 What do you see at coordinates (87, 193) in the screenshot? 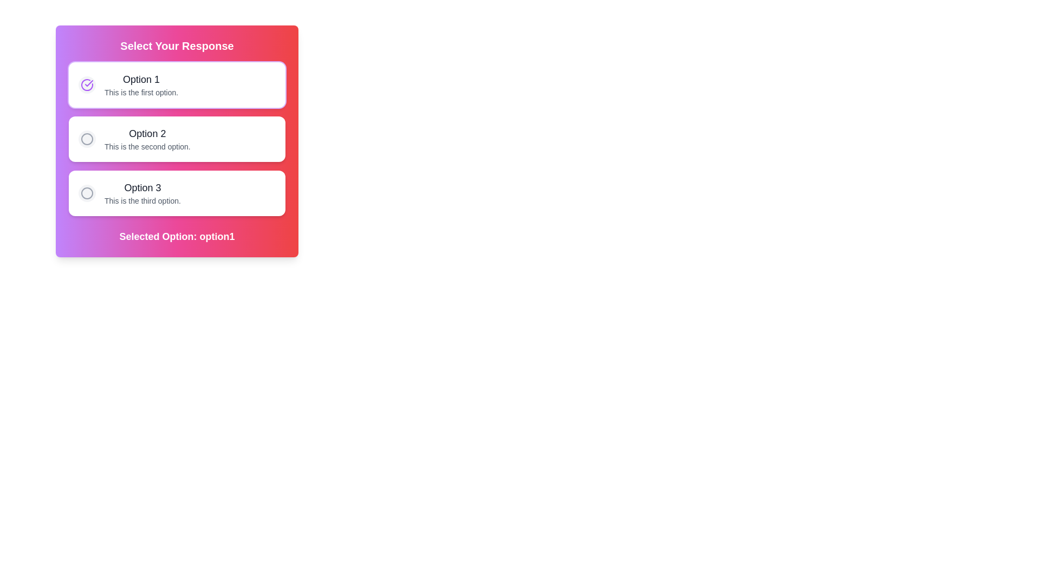
I see `the selectable circular marker next to 'Option 3' to indicate active selection` at bounding box center [87, 193].